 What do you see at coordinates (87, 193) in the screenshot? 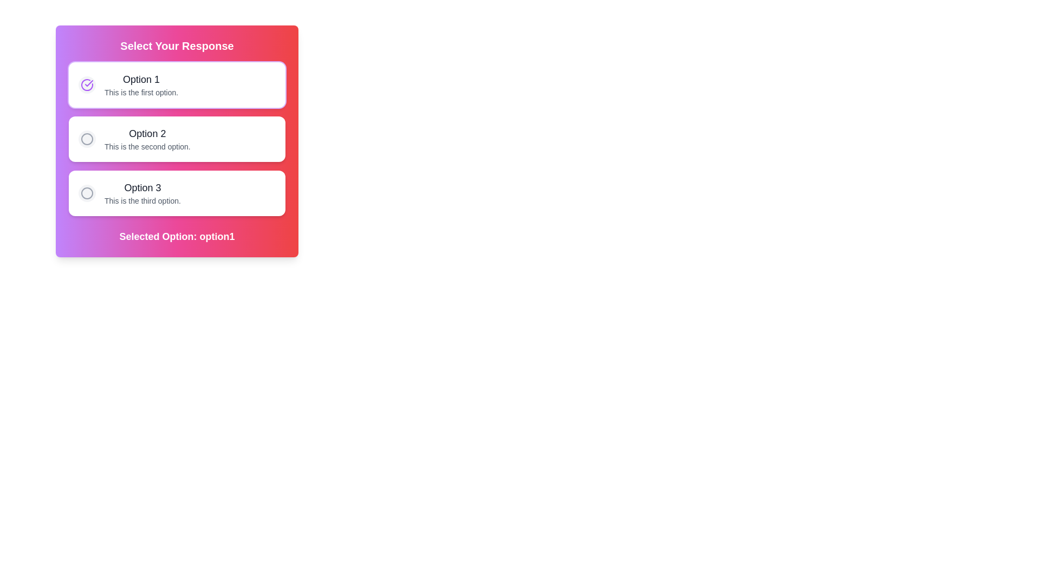
I see `the selectable circular marker next to 'Option 3' to indicate active selection` at bounding box center [87, 193].